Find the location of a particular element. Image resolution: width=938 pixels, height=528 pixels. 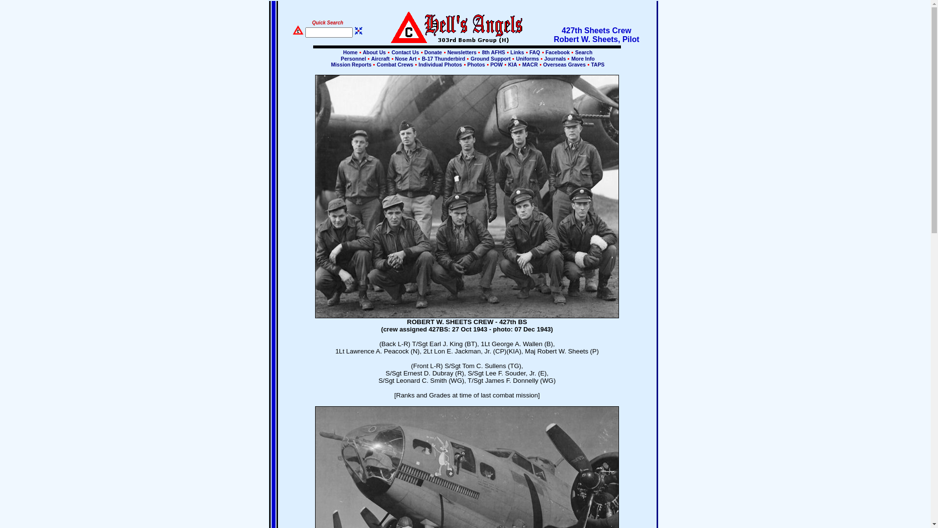

'Newsletters' is located at coordinates (461, 52).